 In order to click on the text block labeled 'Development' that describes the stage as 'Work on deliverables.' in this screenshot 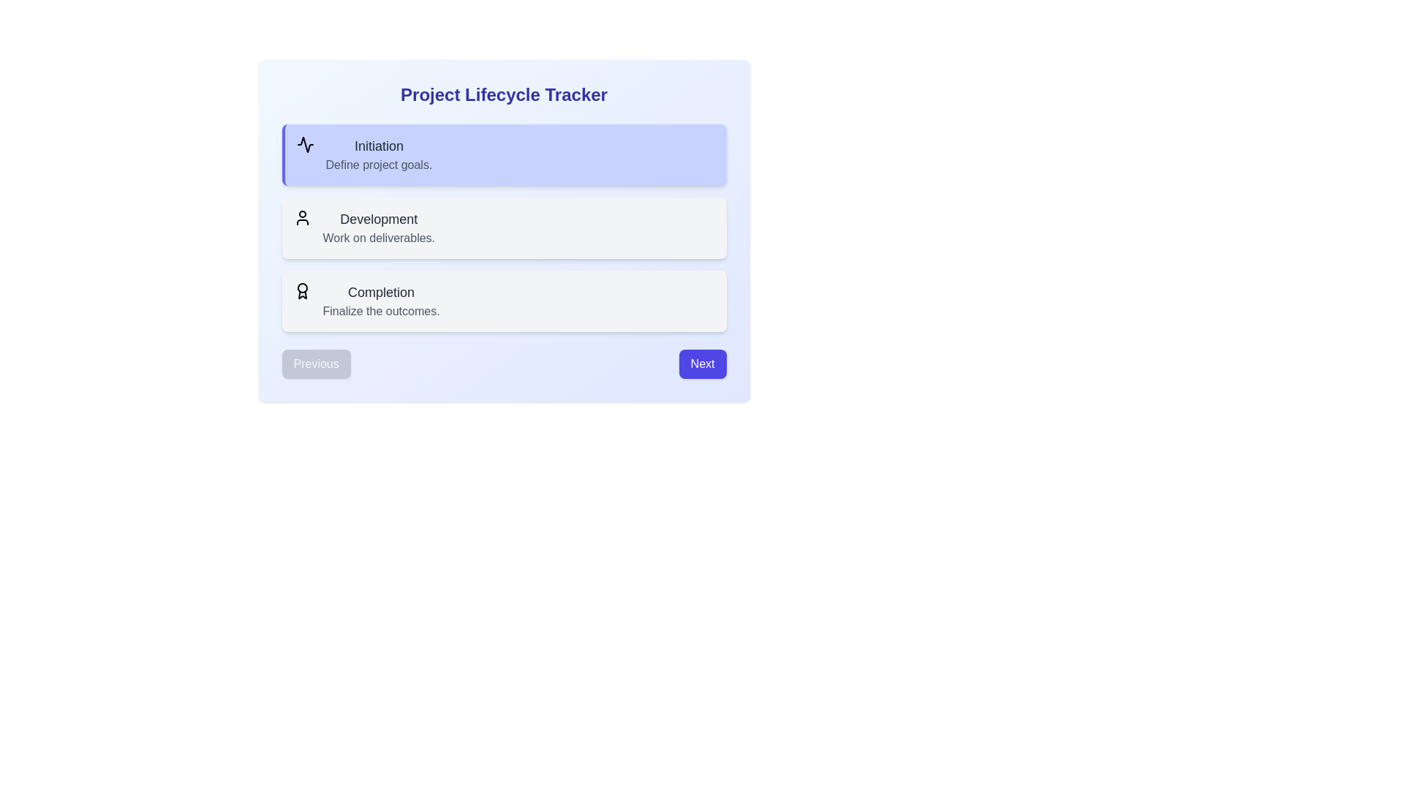, I will do `click(379, 228)`.